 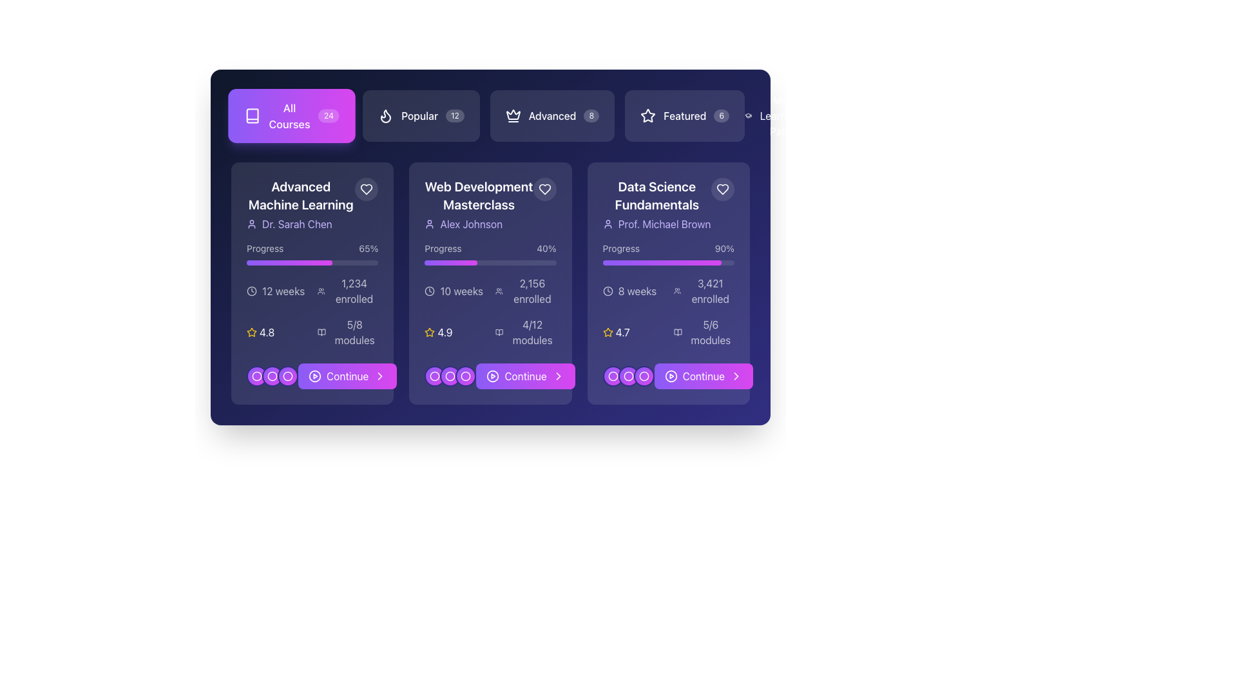 What do you see at coordinates (668, 204) in the screenshot?
I see `the textual label displaying the course title 'Data Science Fundamentals' and instructor name 'Prof. Michael Brown' located in the upper part of the third card section in the grid layout` at bounding box center [668, 204].